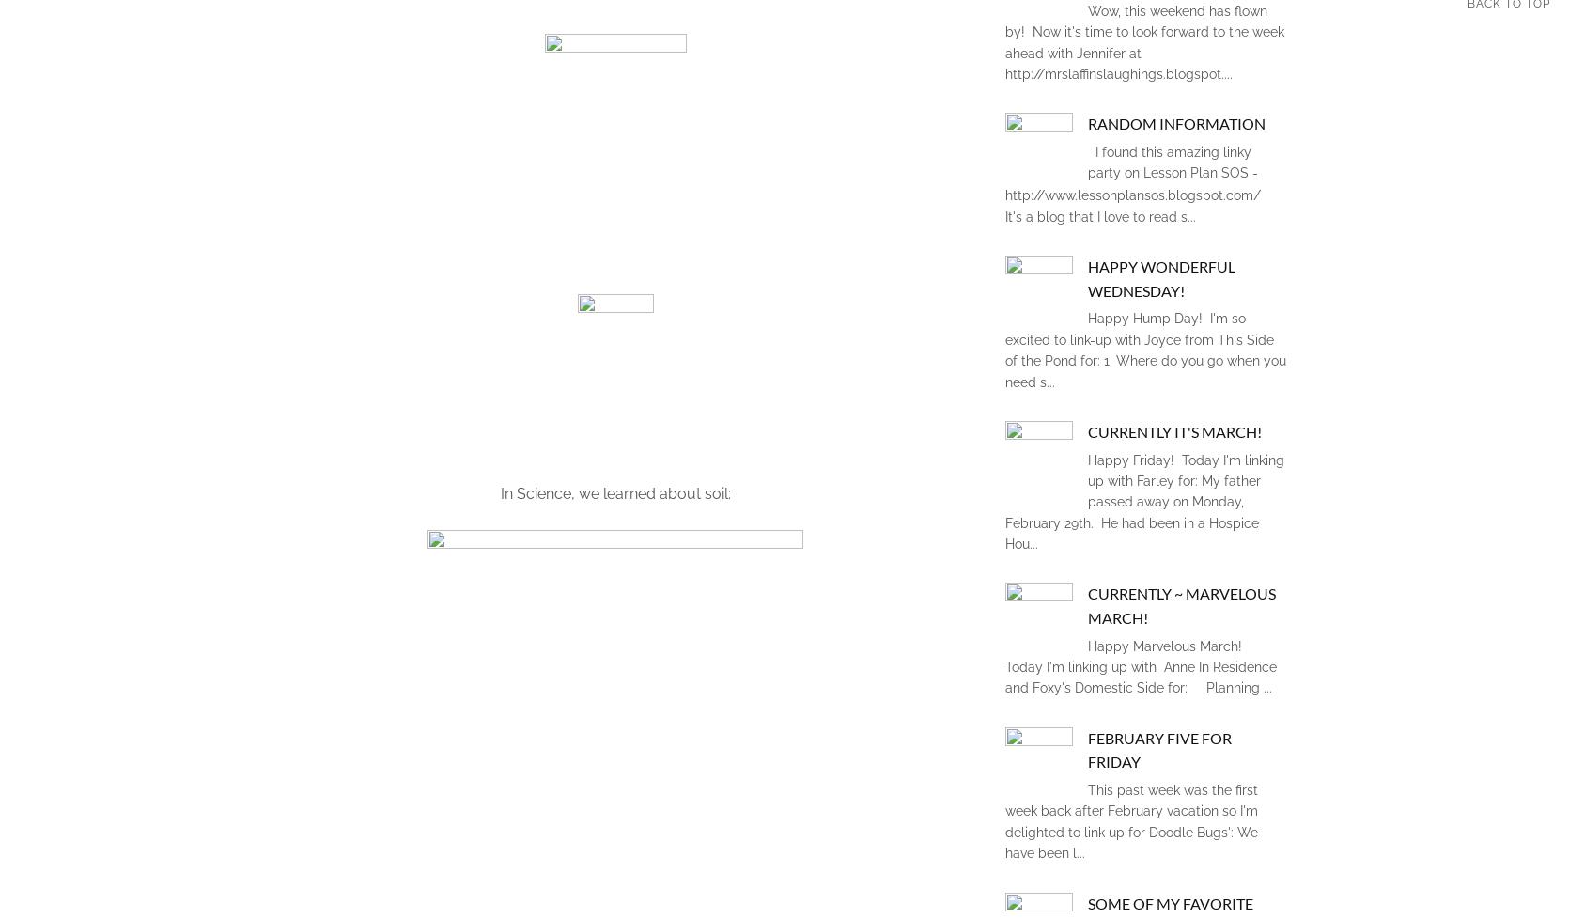 This screenshot has width=1569, height=919. Describe the element at coordinates (1137, 183) in the screenshot. I see `'I found this amazing linky party on Lesson Plan SOS - http://www.lessonplansos.blogspot.com/   It's a blog that I love to read s...'` at that location.